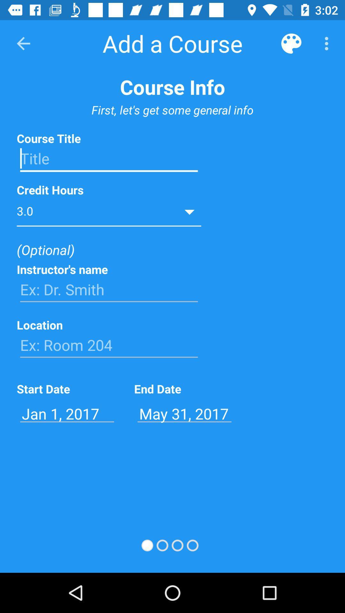  What do you see at coordinates (109, 345) in the screenshot?
I see `the text ex room 204` at bounding box center [109, 345].